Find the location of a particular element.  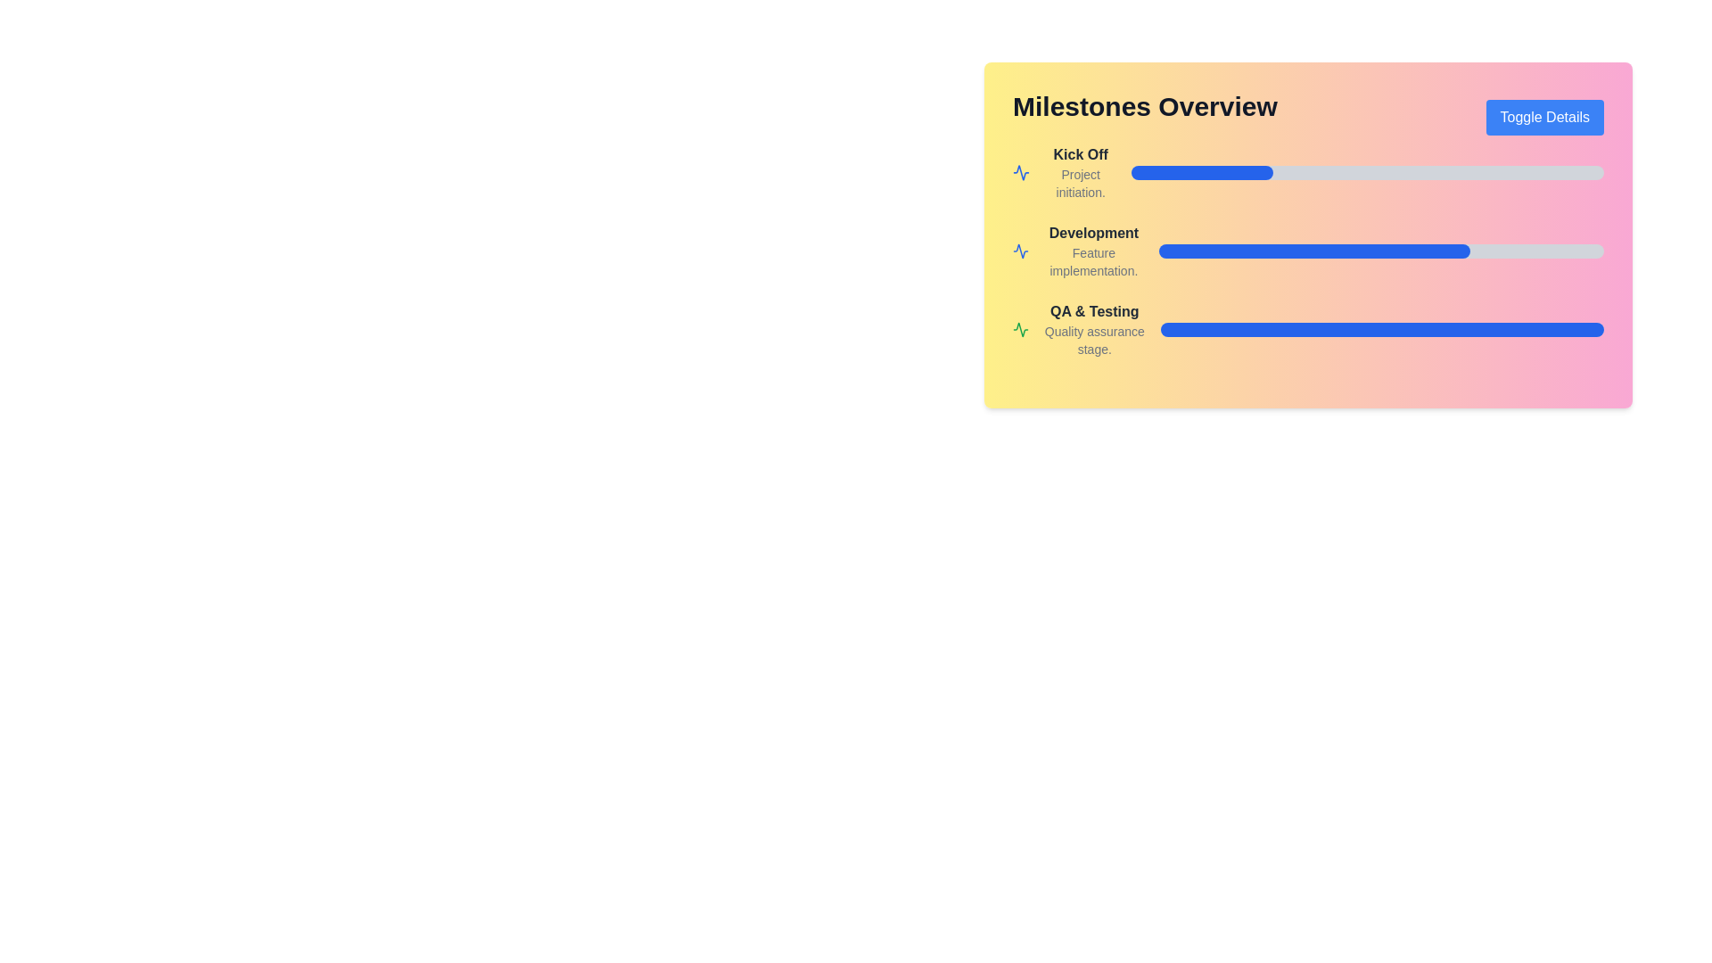

the text label providing a brief descriptive subtitle for the milestone titled 'Kick Off', which is located below the title and above a horizontal progress bar is located at coordinates (1080, 183).